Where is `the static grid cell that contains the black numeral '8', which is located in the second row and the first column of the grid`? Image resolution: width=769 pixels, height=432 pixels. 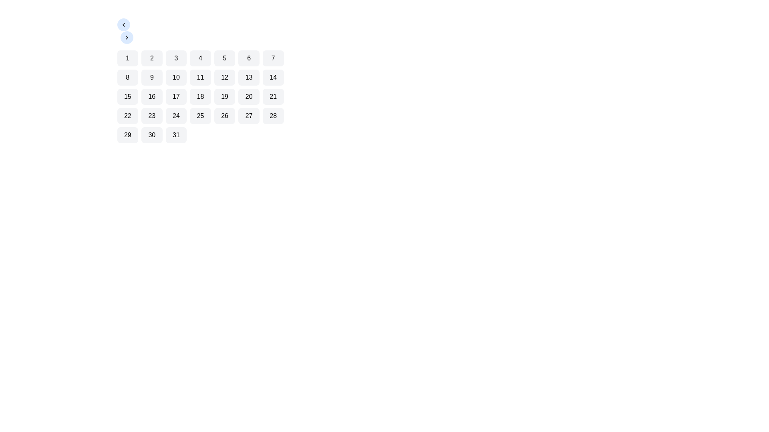
the static grid cell that contains the black numeral '8', which is located in the second row and the first column of the grid is located at coordinates (127, 77).